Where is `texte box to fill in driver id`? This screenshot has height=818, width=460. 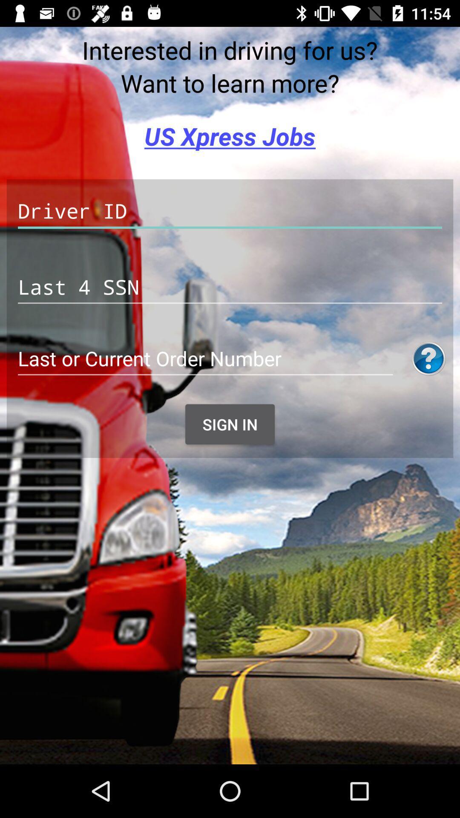
texte box to fill in driver id is located at coordinates (230, 211).